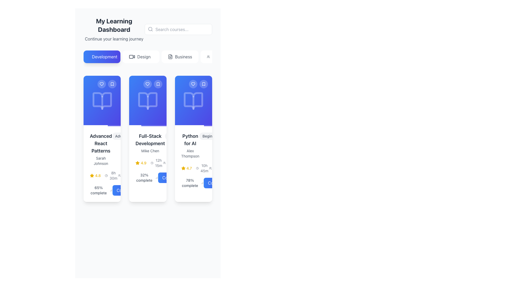 This screenshot has height=284, width=506. What do you see at coordinates (183, 177) in the screenshot?
I see `the visual representation of the Chevron Right Icon, which indicates proceeding or moving forward, located within the 'Continue' button` at bounding box center [183, 177].